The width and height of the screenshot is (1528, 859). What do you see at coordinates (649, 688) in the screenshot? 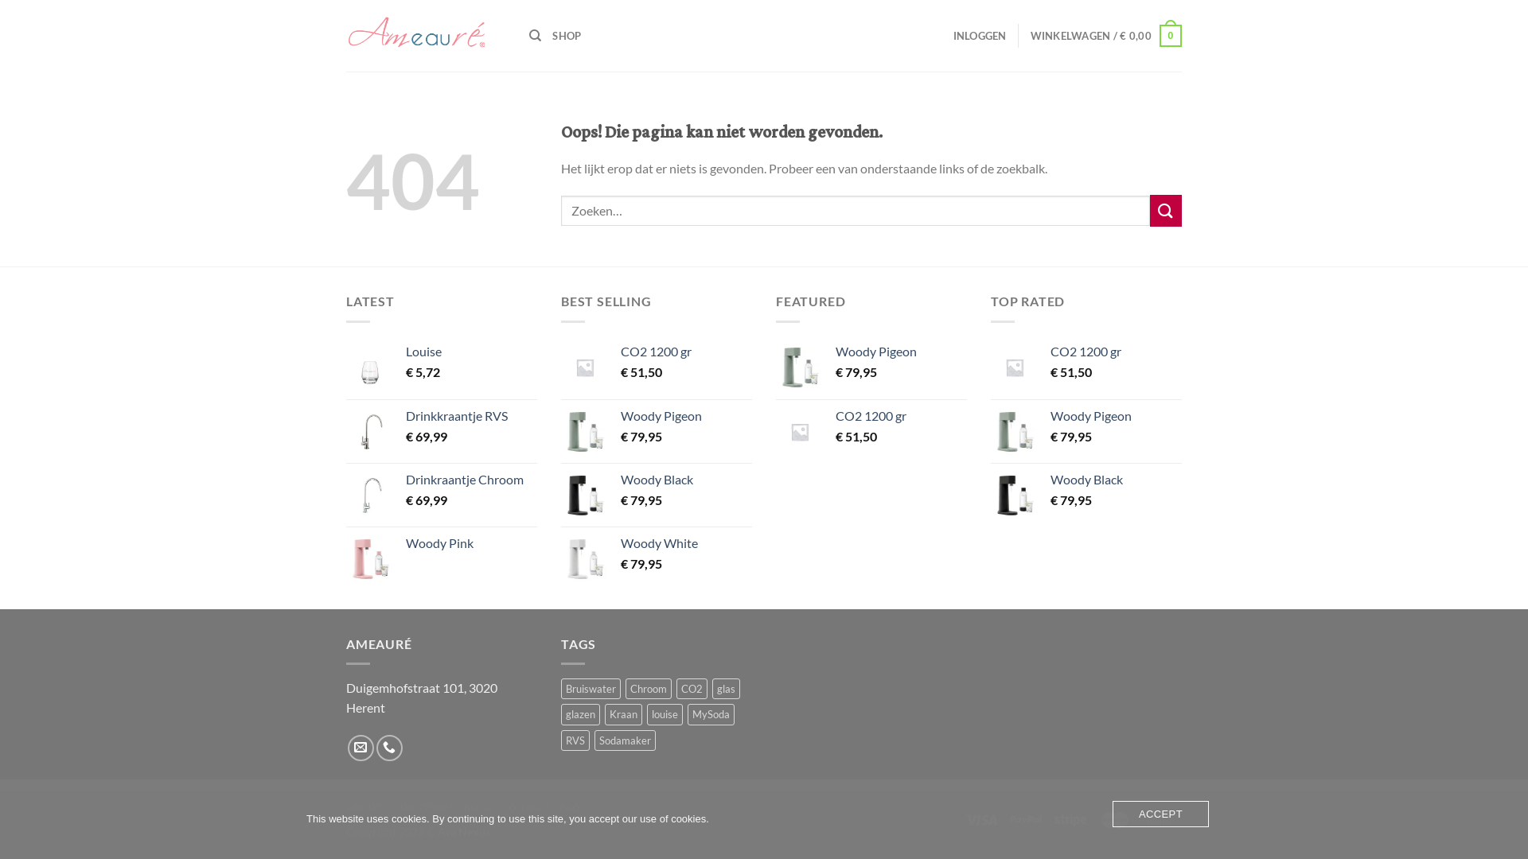
I see `'Chroom'` at bounding box center [649, 688].